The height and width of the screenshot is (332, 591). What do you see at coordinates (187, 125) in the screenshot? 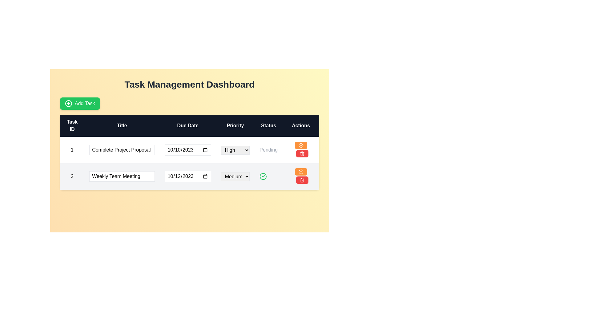
I see `the third column header of the table that indicates due dates for tasks, located between the 'Title' and 'Priority' headers` at bounding box center [187, 125].